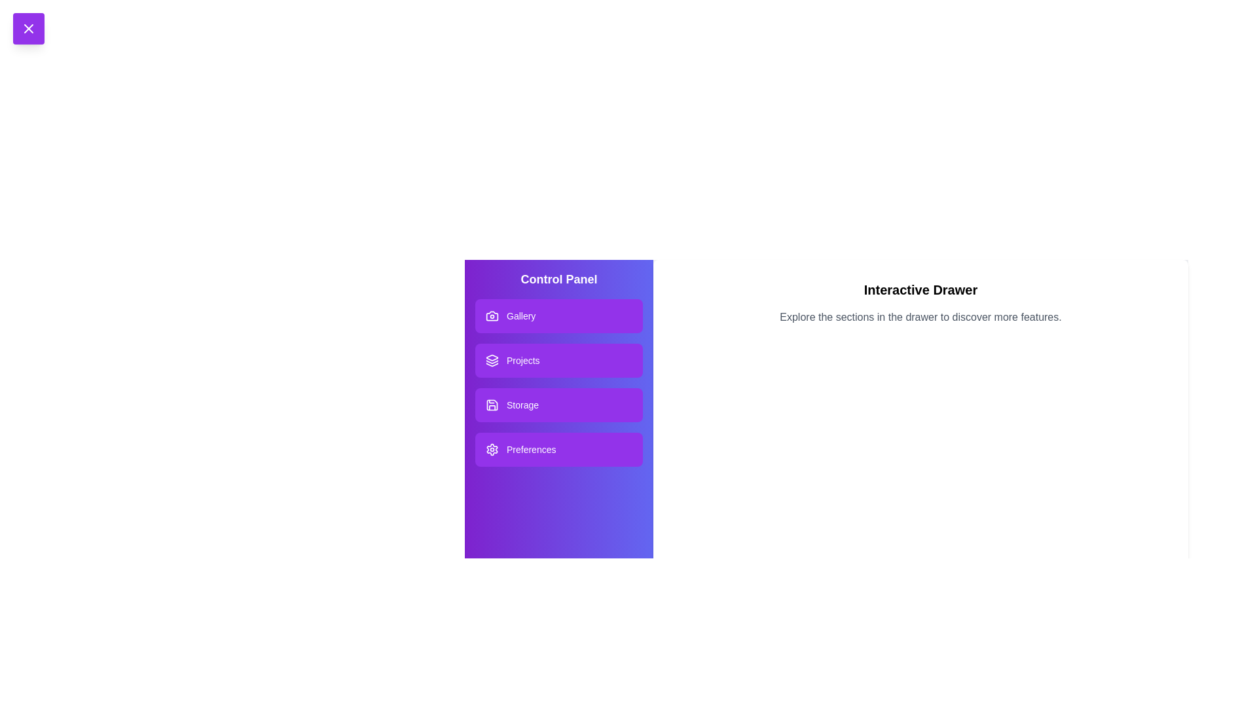  Describe the element at coordinates (559, 448) in the screenshot. I see `the 'Preferences' section of the drawer` at that location.